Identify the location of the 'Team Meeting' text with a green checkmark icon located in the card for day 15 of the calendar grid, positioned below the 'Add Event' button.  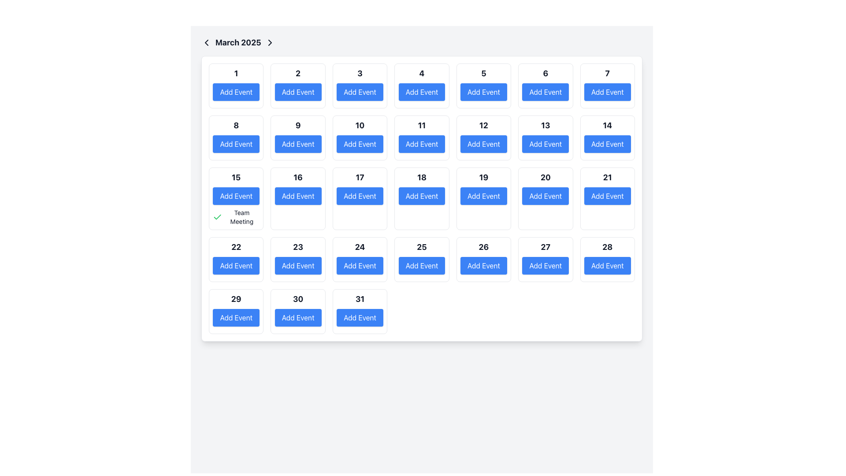
(236, 217).